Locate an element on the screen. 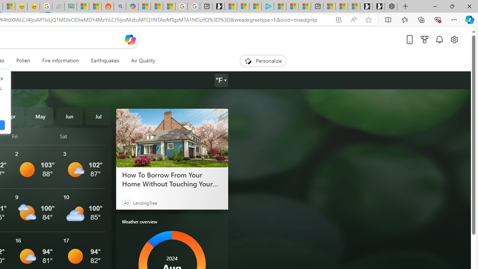  'How To Borrow From Your Home Without Touching Your Mortgage' is located at coordinates (171, 138).